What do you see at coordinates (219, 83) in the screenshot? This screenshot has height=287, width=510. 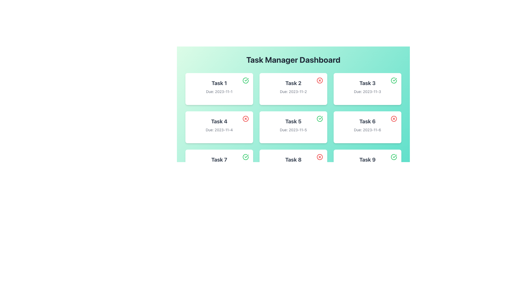 I see `the Text label that serves as the title for the first task card in the upper-left region of a 3x3 grid layout` at bounding box center [219, 83].